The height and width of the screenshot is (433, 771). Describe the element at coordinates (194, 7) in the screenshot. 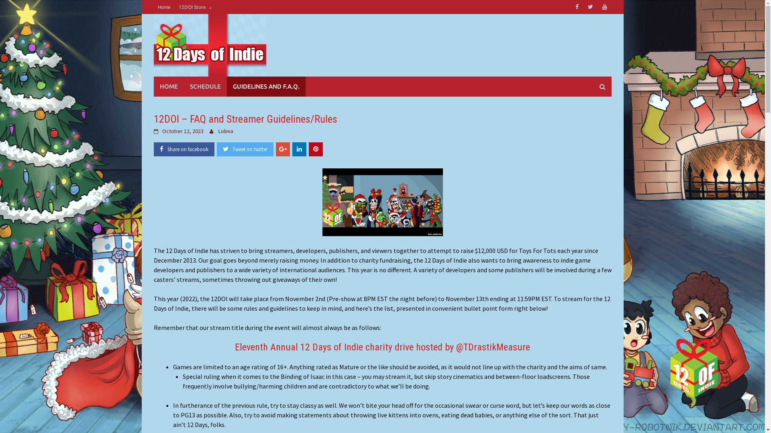

I see `'12DOI Store'` at that location.